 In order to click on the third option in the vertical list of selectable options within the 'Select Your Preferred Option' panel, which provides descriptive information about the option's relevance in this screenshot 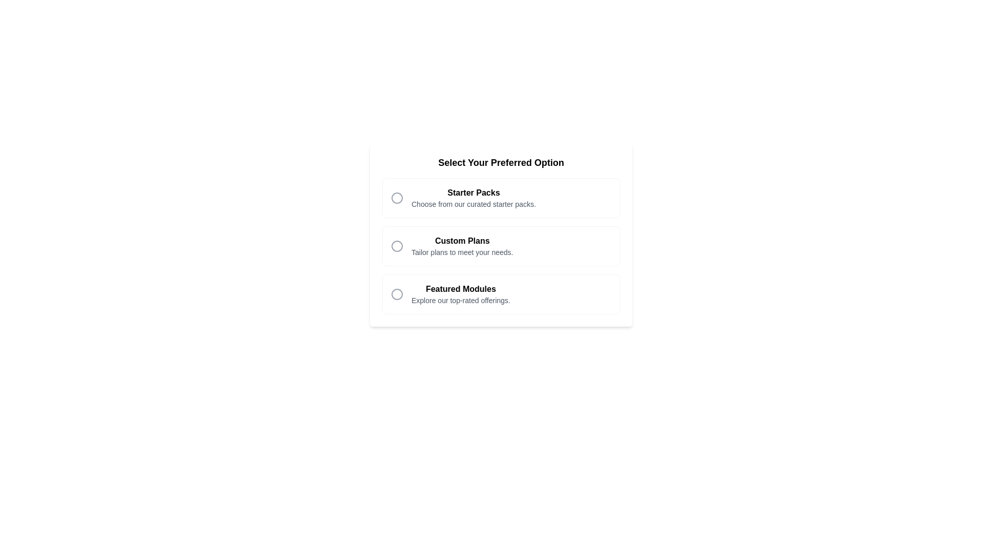, I will do `click(460, 294)`.